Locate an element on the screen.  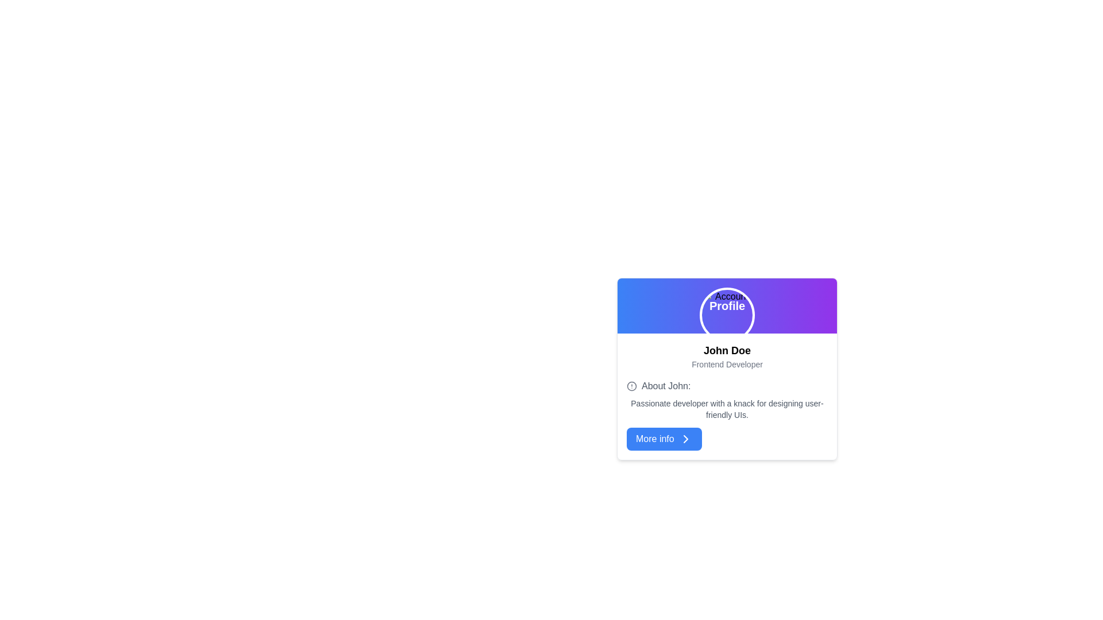
the small circular icon with a gray outline and an exclamation mark located to the left of the text 'About John:' by moving the cursor to its center is located at coordinates (631, 386).